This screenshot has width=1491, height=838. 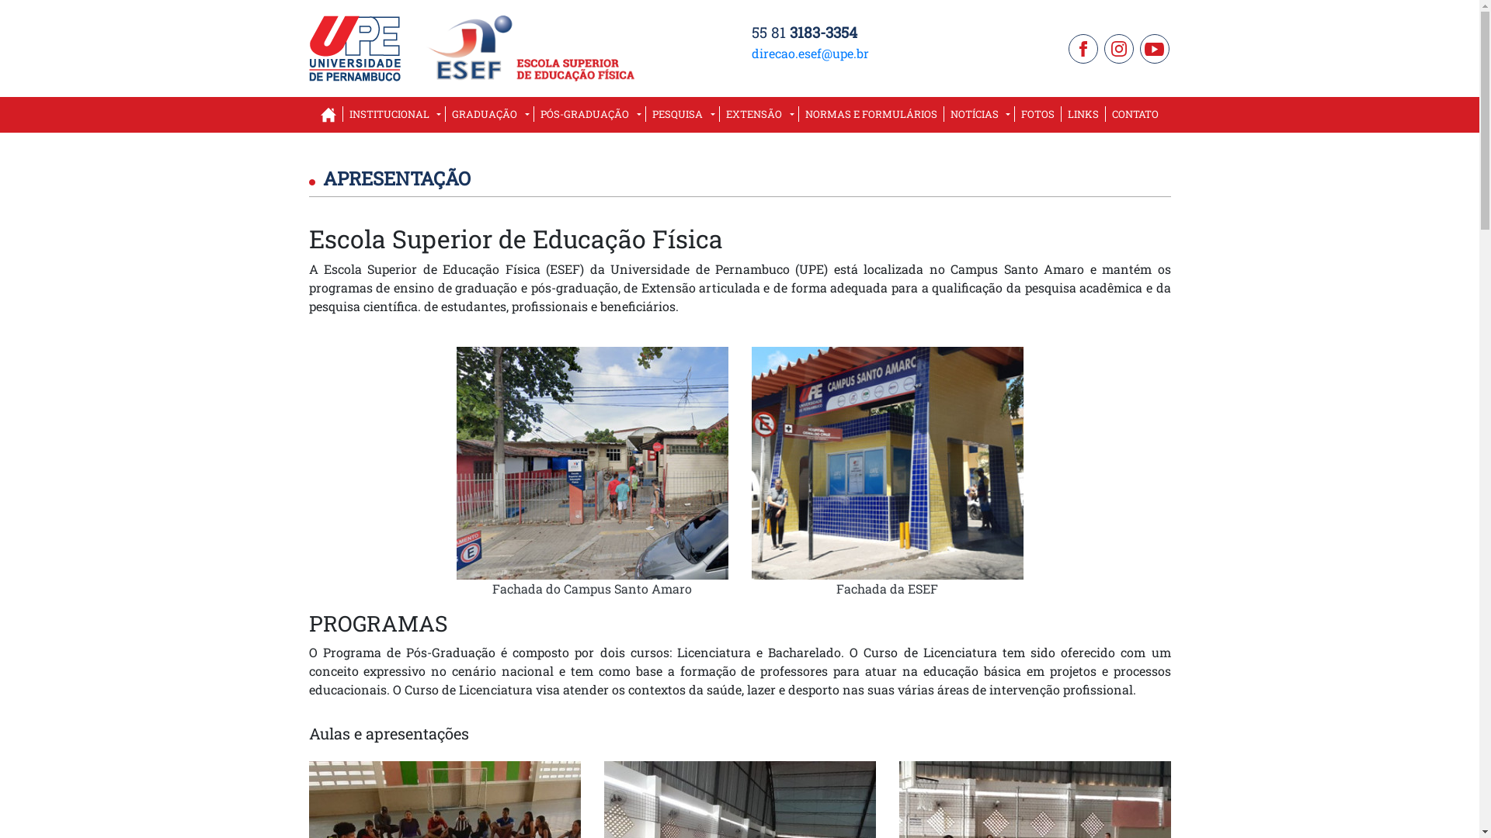 I want to click on 'direcao.esef@upe.br', so click(x=809, y=52).